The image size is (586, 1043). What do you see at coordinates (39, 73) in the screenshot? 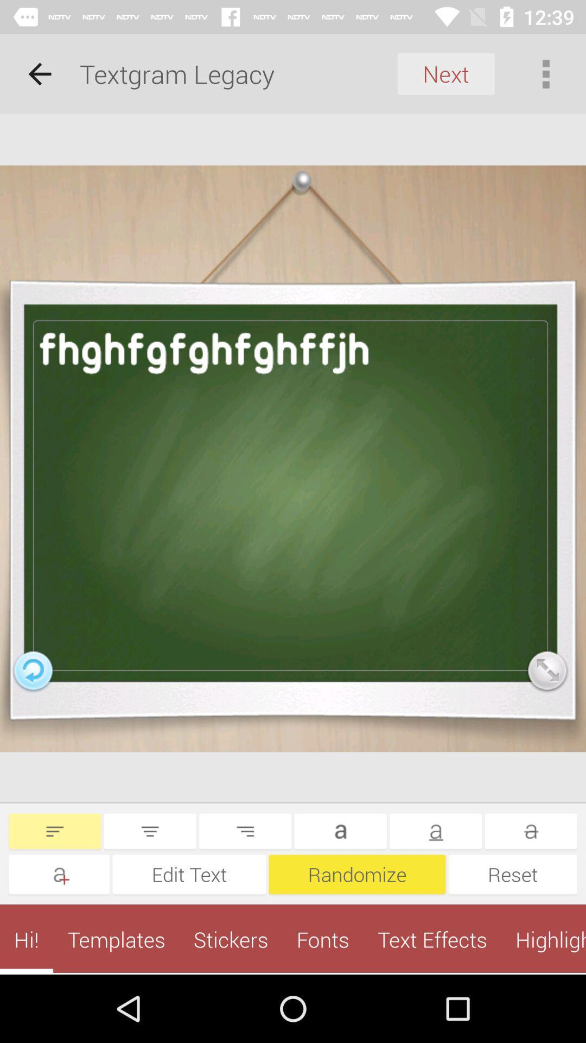
I see `the icon to the left of textgram legacy` at bounding box center [39, 73].